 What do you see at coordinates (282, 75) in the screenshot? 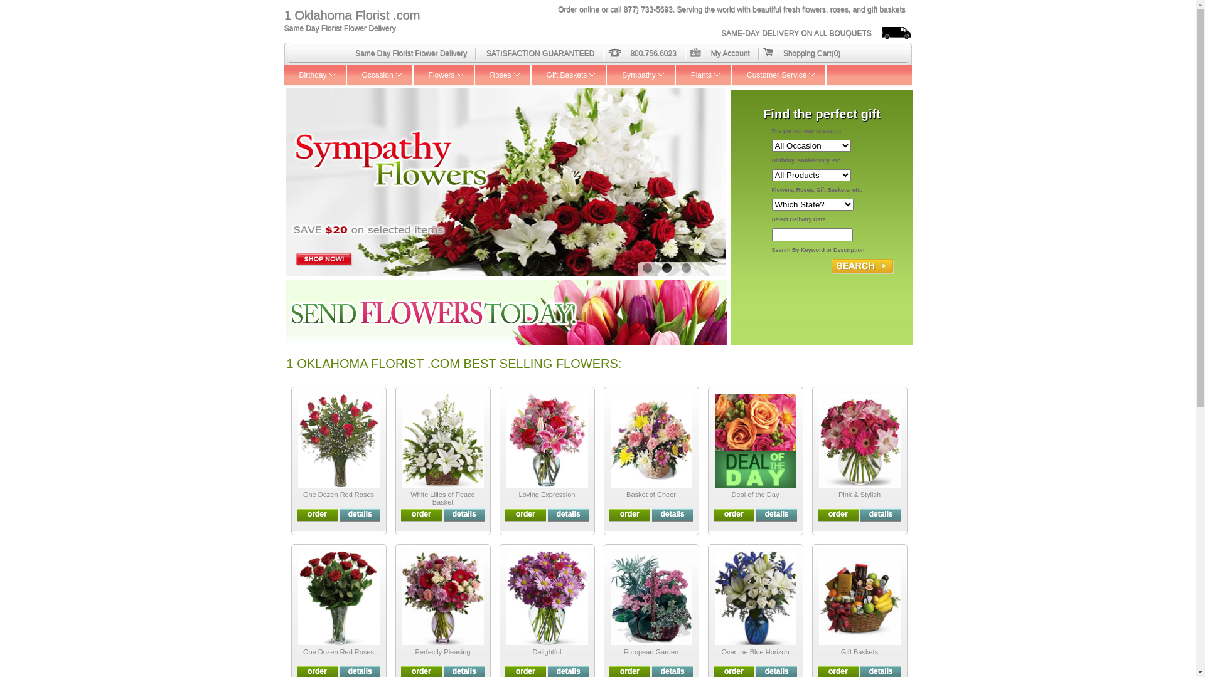
I see `'Birthday'` at bounding box center [282, 75].